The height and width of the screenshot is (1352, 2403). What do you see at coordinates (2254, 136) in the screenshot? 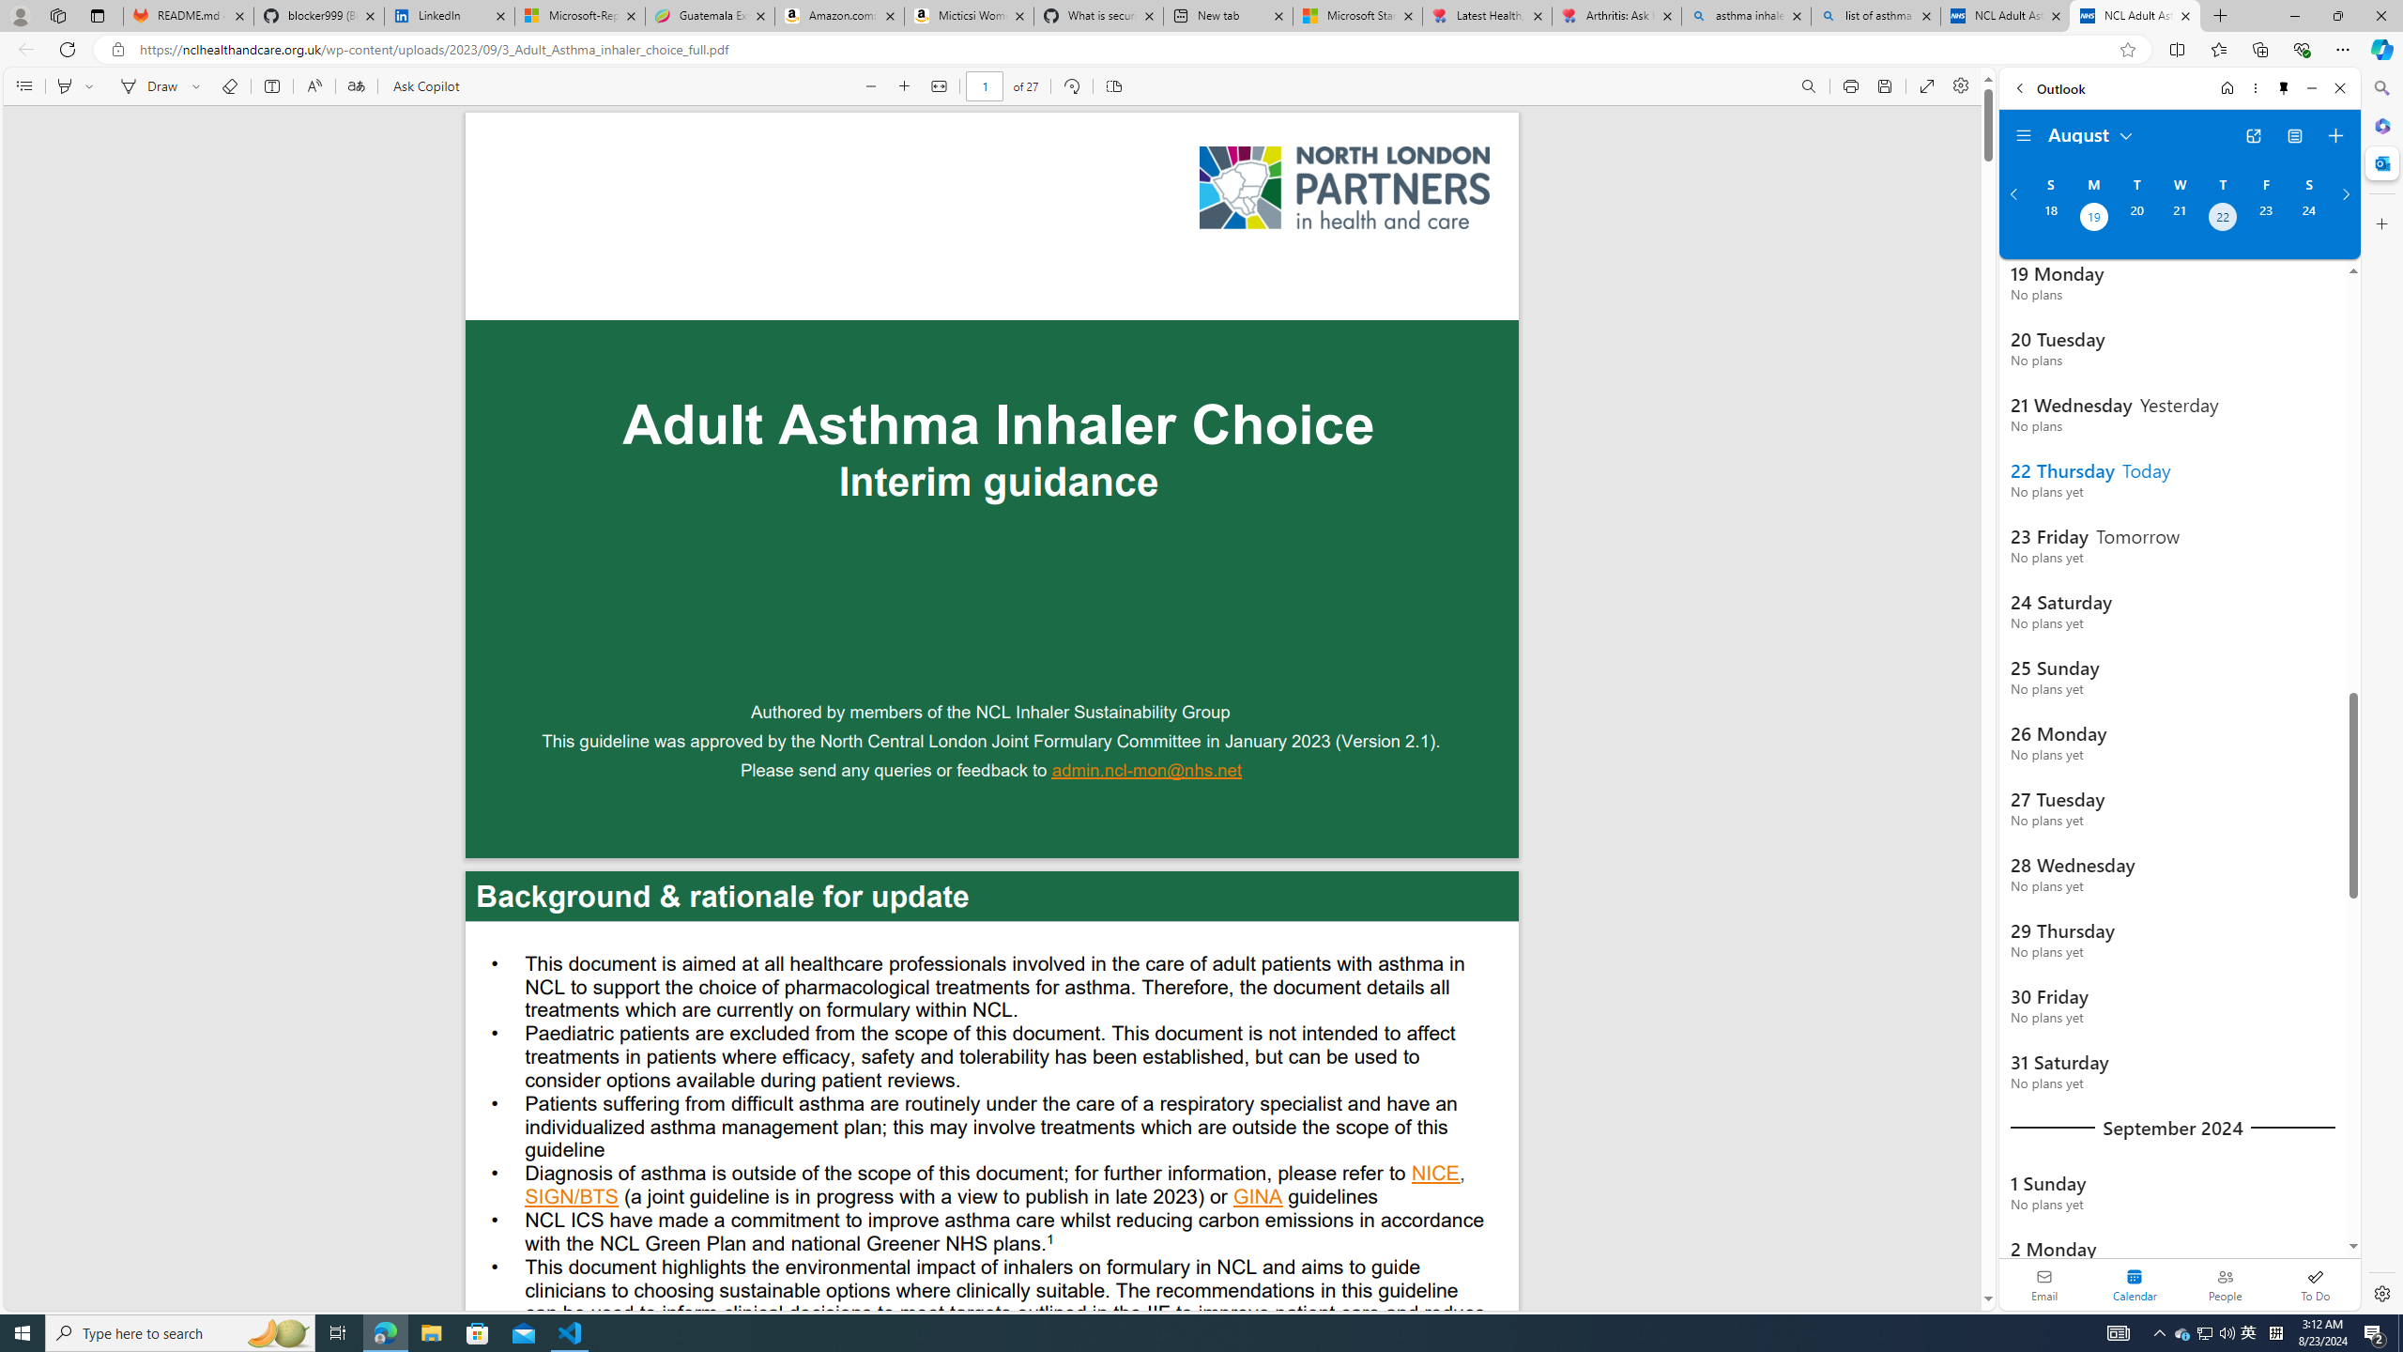
I see `'Open in new tab'` at bounding box center [2254, 136].